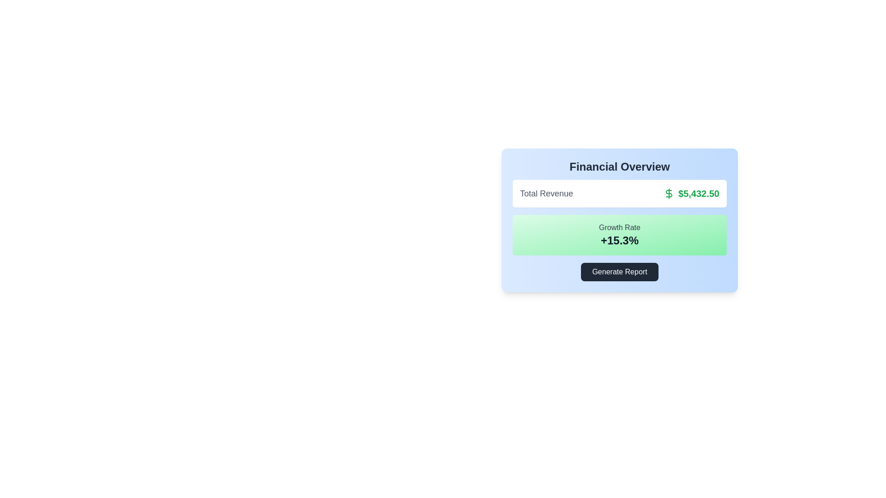 The image size is (886, 498). I want to click on the 'Generate Report' button located at the bottom of the 'Financial Overview' card, below the 'Growth Rate' section, so click(620, 272).